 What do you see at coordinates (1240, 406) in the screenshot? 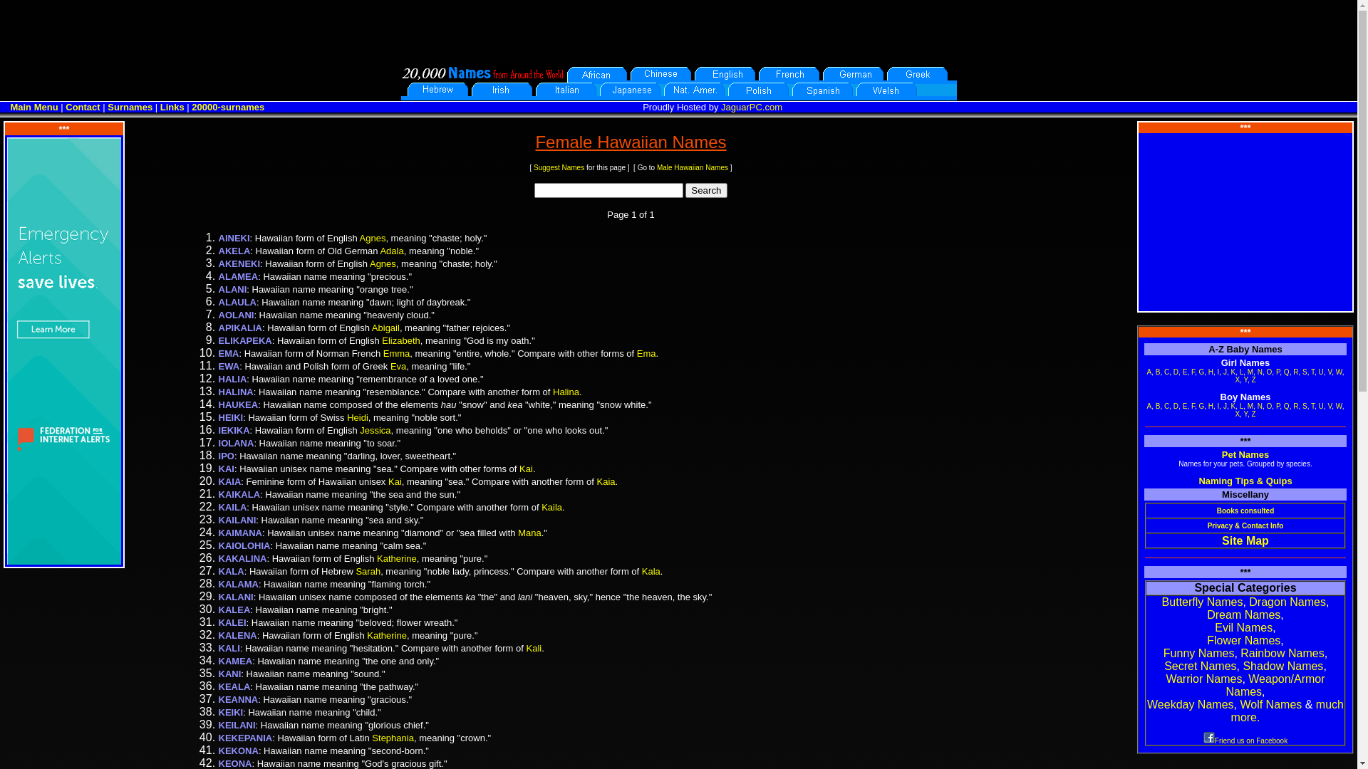
I see `'L'` at bounding box center [1240, 406].